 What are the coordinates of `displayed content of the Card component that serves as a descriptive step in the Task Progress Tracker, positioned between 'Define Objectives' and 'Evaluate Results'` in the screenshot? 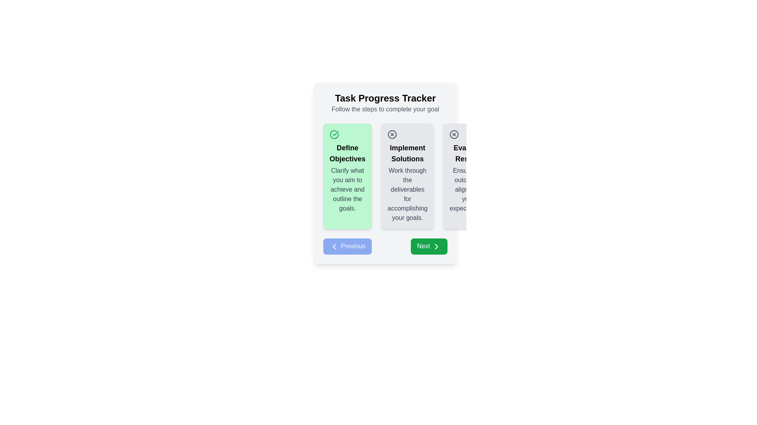 It's located at (385, 176).